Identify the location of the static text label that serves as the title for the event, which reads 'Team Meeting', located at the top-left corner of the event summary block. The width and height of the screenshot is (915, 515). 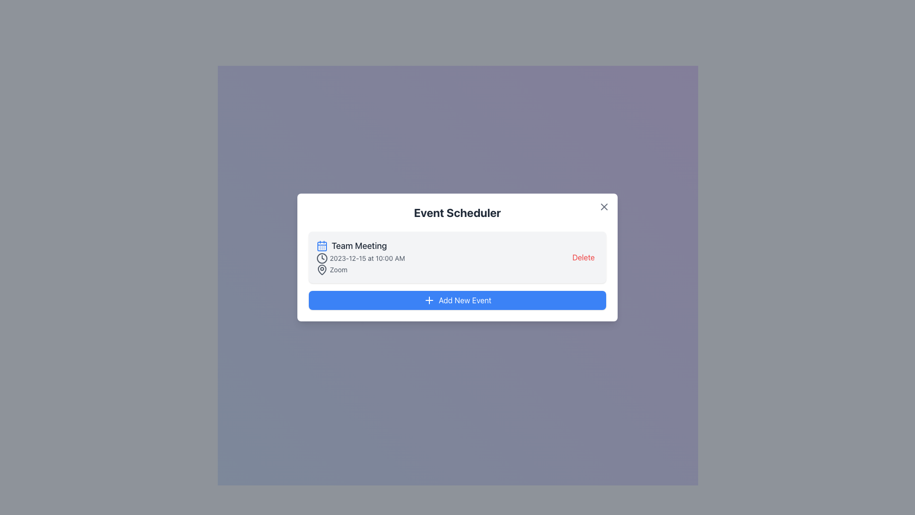
(360, 246).